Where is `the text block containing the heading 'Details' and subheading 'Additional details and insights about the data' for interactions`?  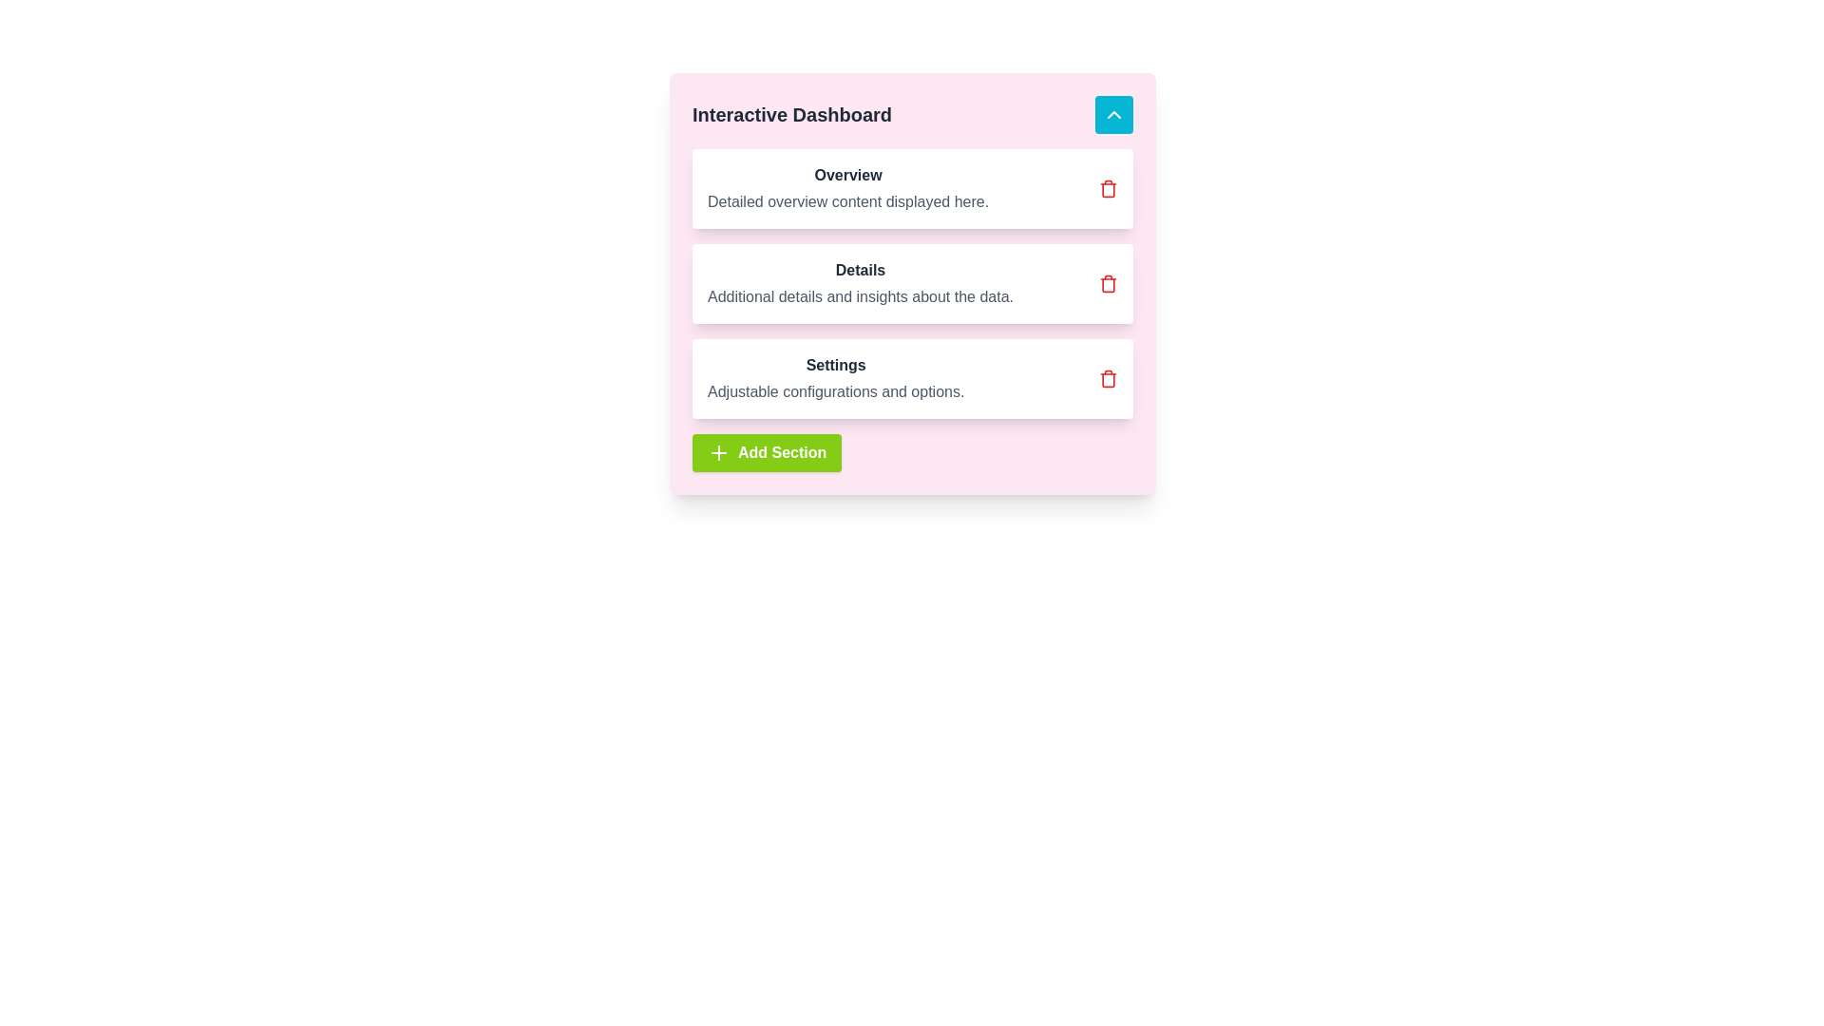
the text block containing the heading 'Details' and subheading 'Additional details and insights about the data' for interactions is located at coordinates (860, 284).